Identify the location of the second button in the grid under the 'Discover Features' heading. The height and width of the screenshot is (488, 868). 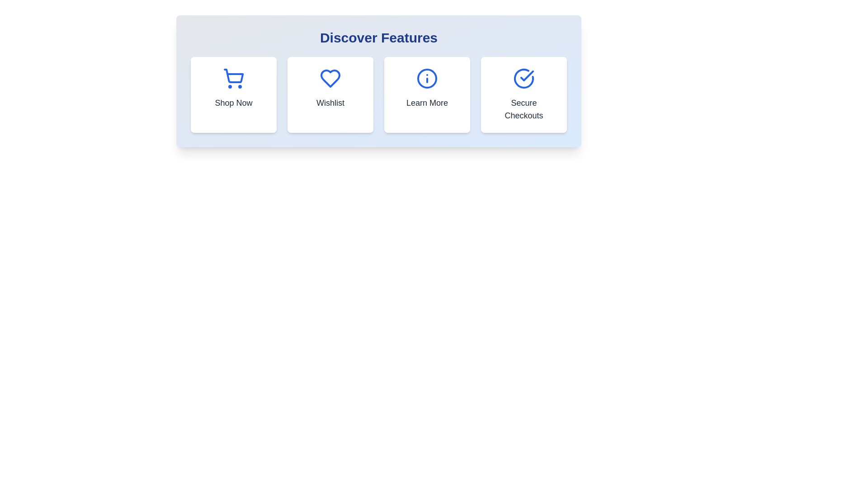
(330, 94).